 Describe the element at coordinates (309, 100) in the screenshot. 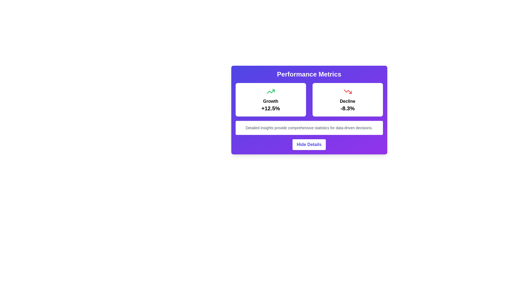

I see `the Grid layout containing informational blocks that displays growth and decline statistics` at that location.